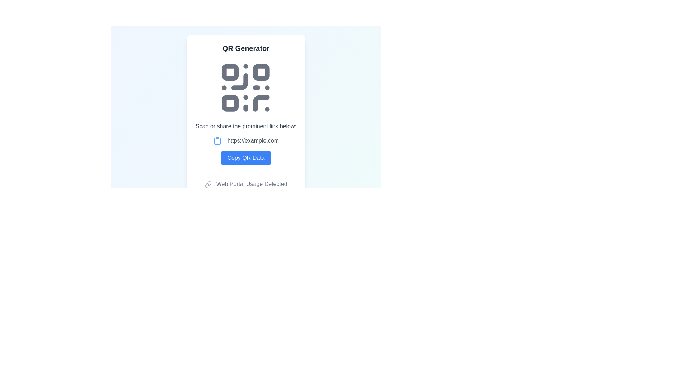 The image size is (689, 387). I want to click on the bottom-left square of the QR code, which is part of the 3x3 layout, so click(230, 103).